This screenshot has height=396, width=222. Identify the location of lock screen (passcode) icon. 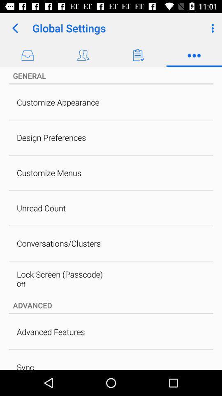
(59, 274).